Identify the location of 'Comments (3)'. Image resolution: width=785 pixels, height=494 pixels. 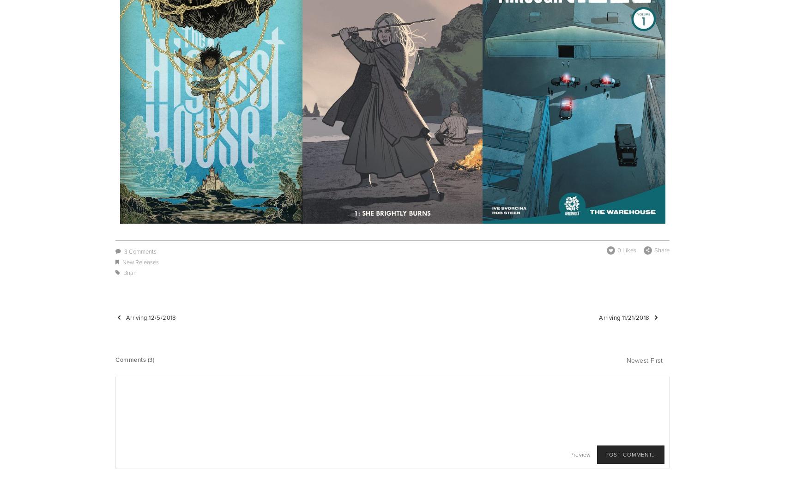
(135, 359).